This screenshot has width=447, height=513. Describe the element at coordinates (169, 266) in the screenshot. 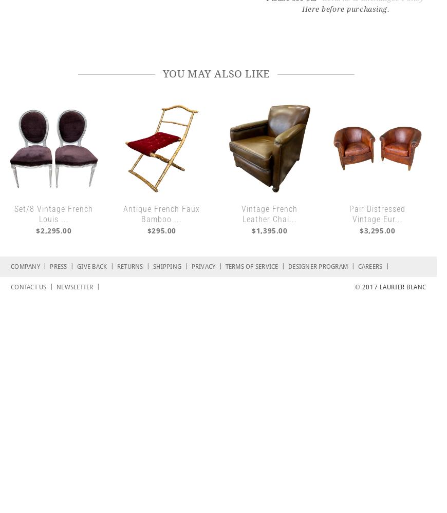

I see `'Shipping'` at that location.